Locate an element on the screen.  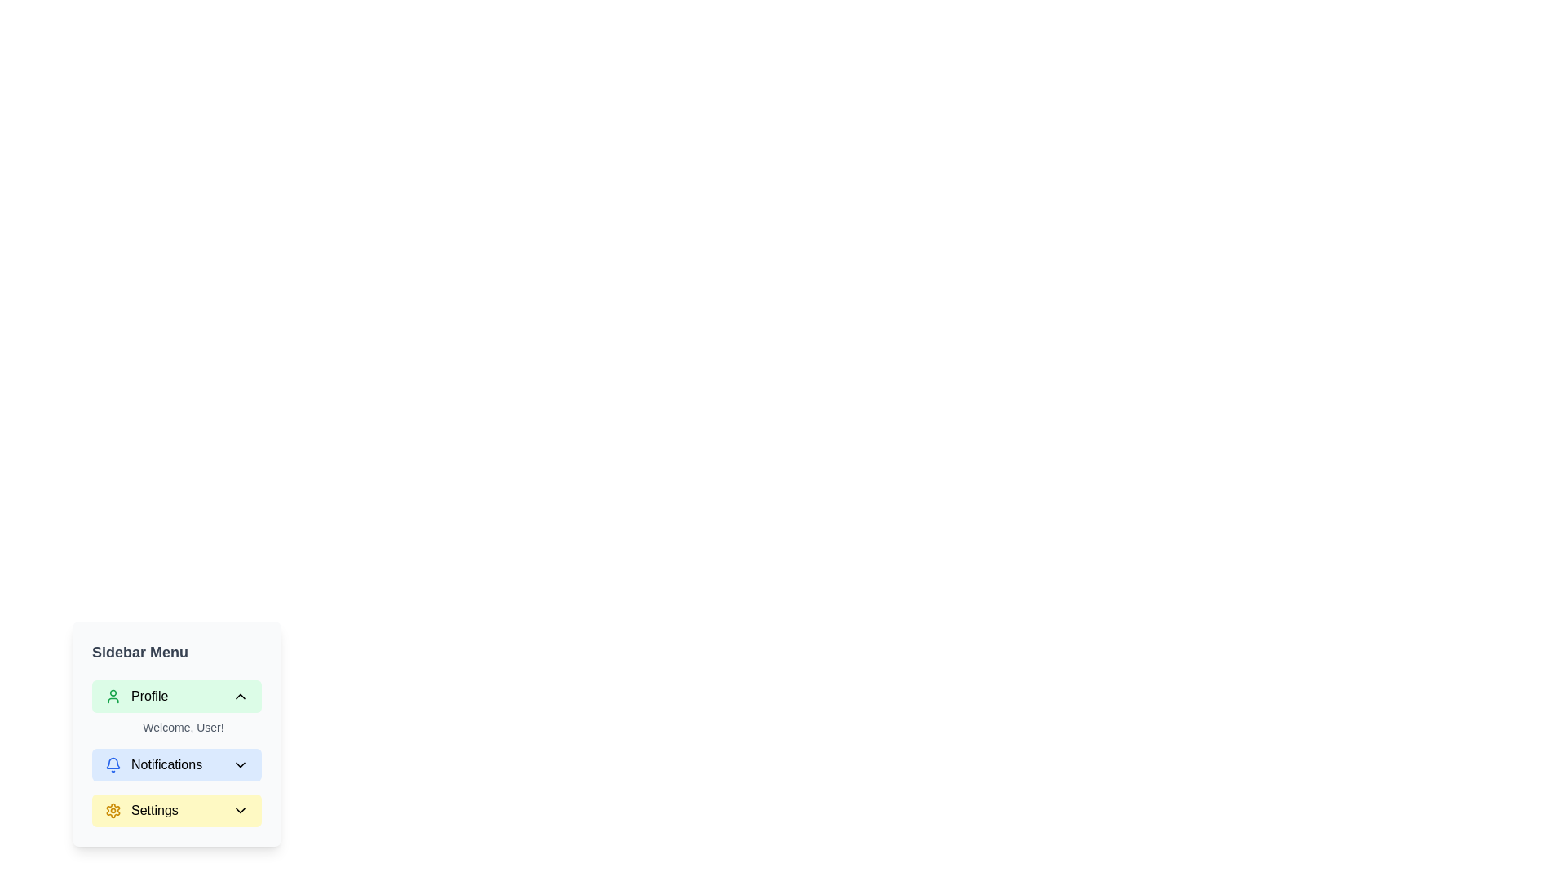
the Dropdown Icon located at the rightmost end of the 'Notifications' menu item is located at coordinates (239, 764).